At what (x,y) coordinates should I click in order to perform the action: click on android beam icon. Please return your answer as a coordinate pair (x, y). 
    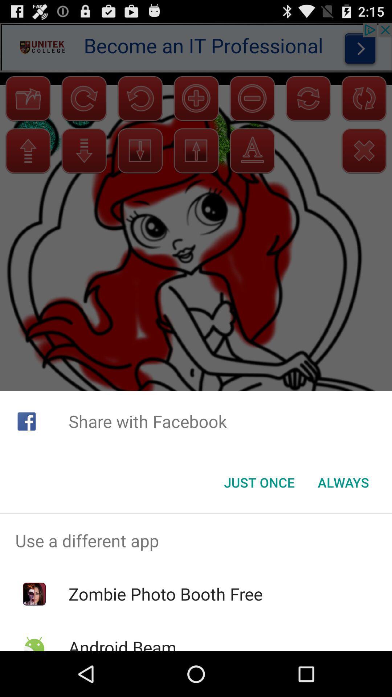
    Looking at the image, I should click on (122, 643).